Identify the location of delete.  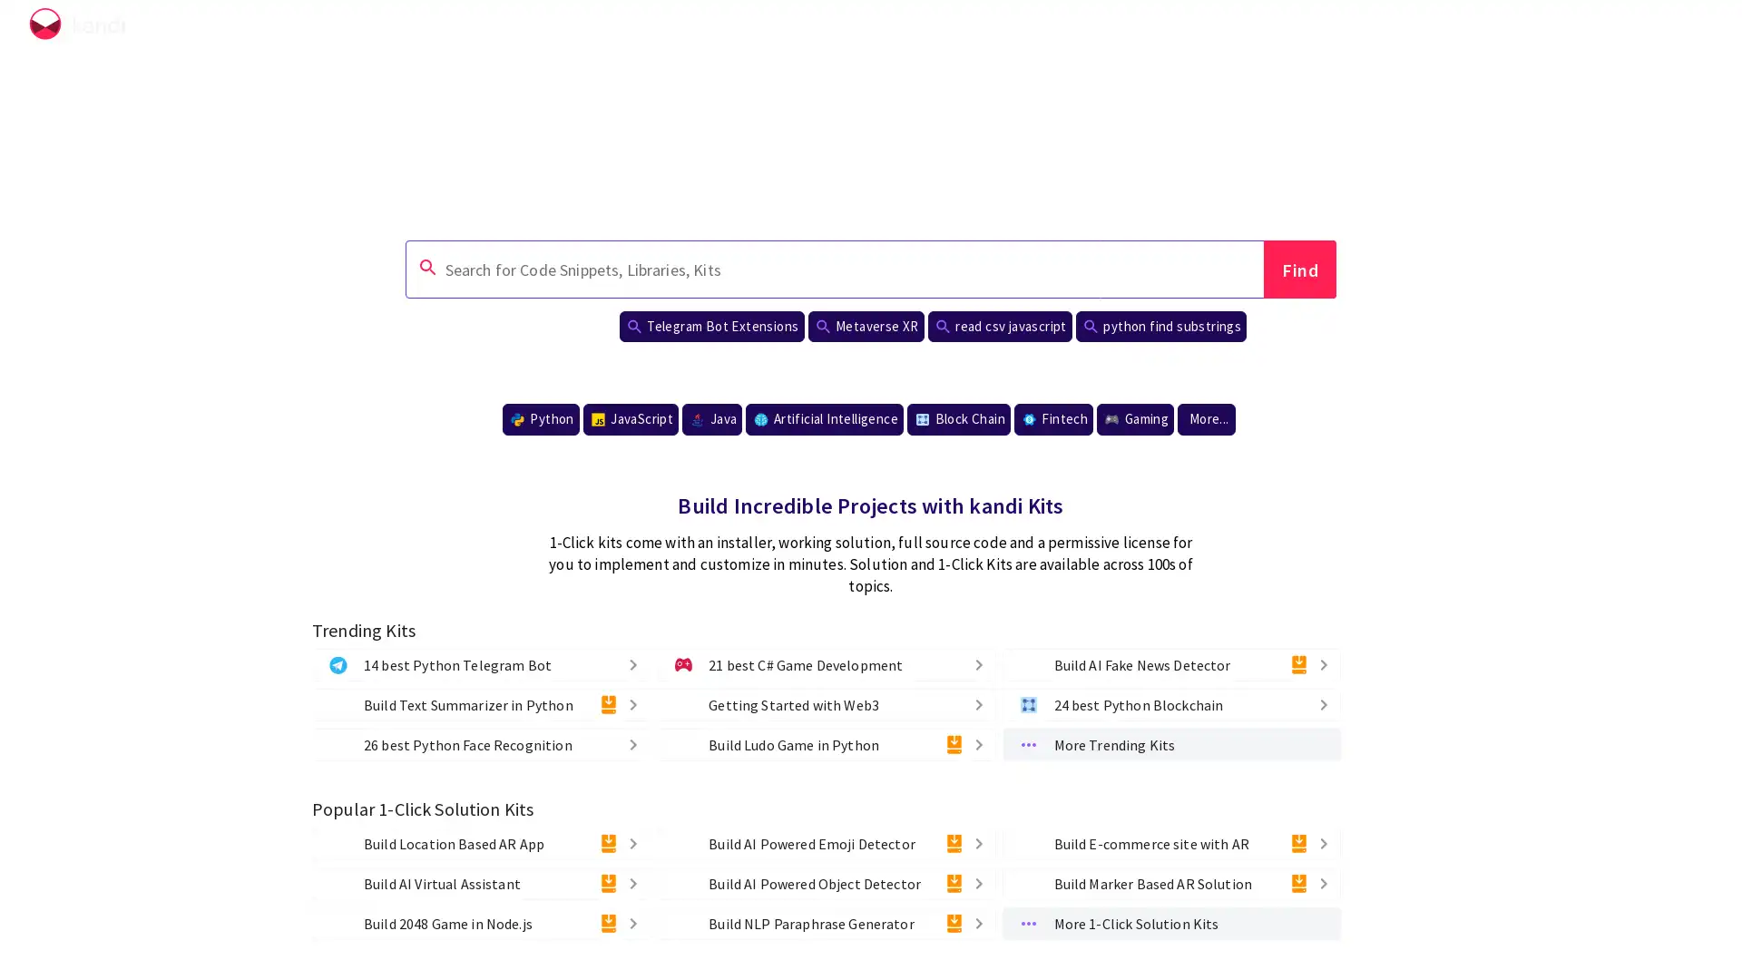
(609, 923).